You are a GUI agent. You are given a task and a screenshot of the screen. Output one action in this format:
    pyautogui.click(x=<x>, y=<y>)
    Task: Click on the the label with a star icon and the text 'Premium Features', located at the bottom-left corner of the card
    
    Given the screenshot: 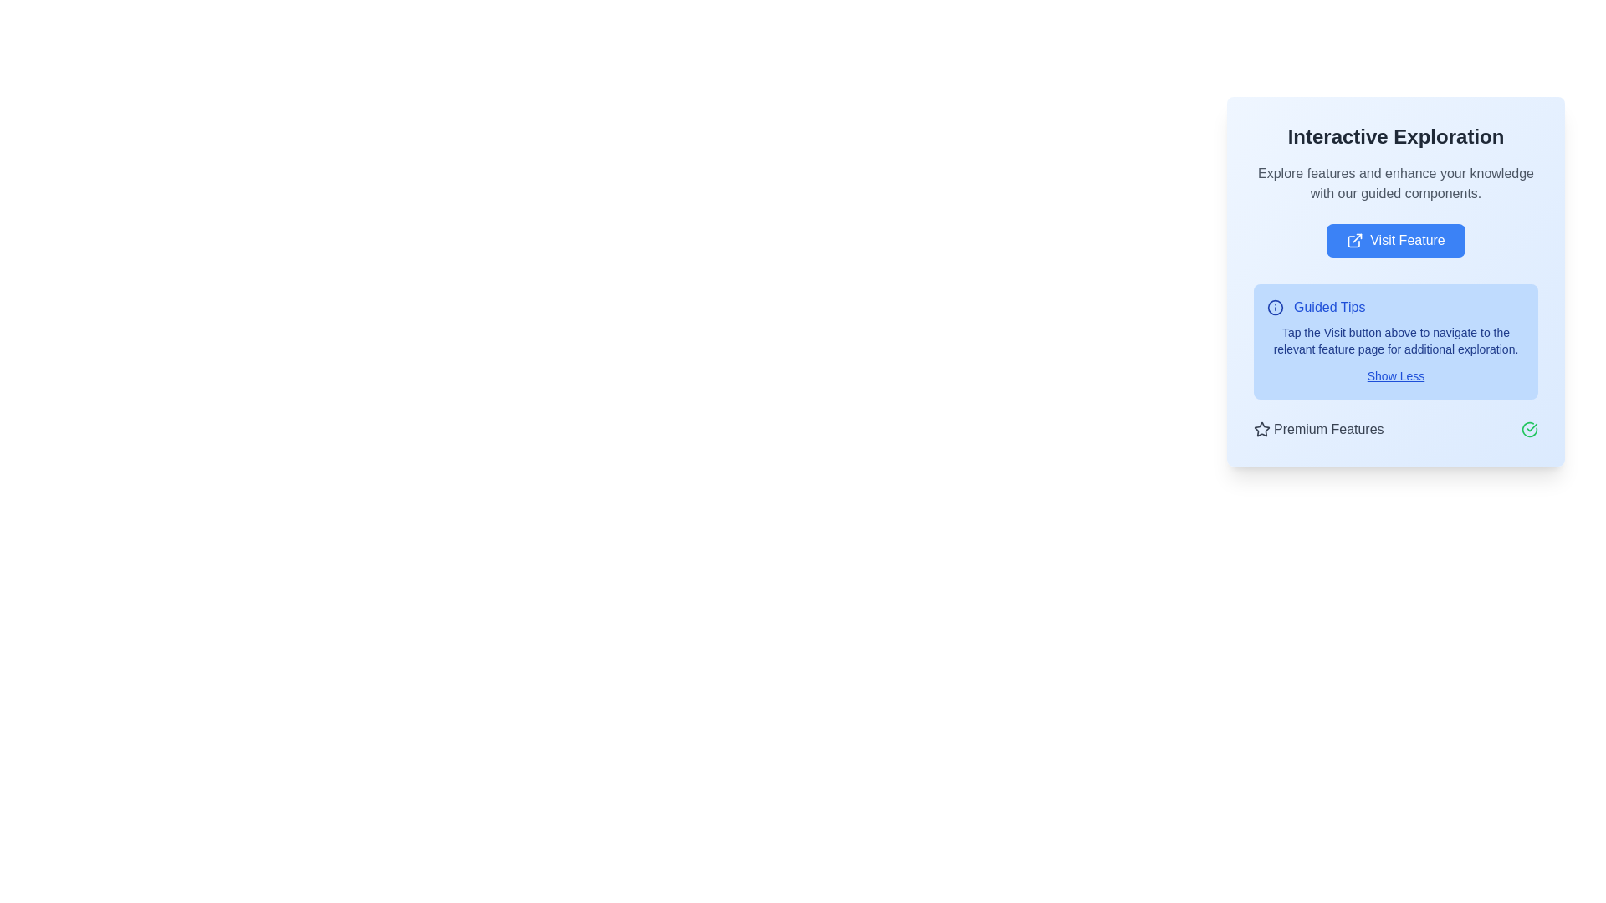 What is the action you would take?
    pyautogui.click(x=1317, y=428)
    